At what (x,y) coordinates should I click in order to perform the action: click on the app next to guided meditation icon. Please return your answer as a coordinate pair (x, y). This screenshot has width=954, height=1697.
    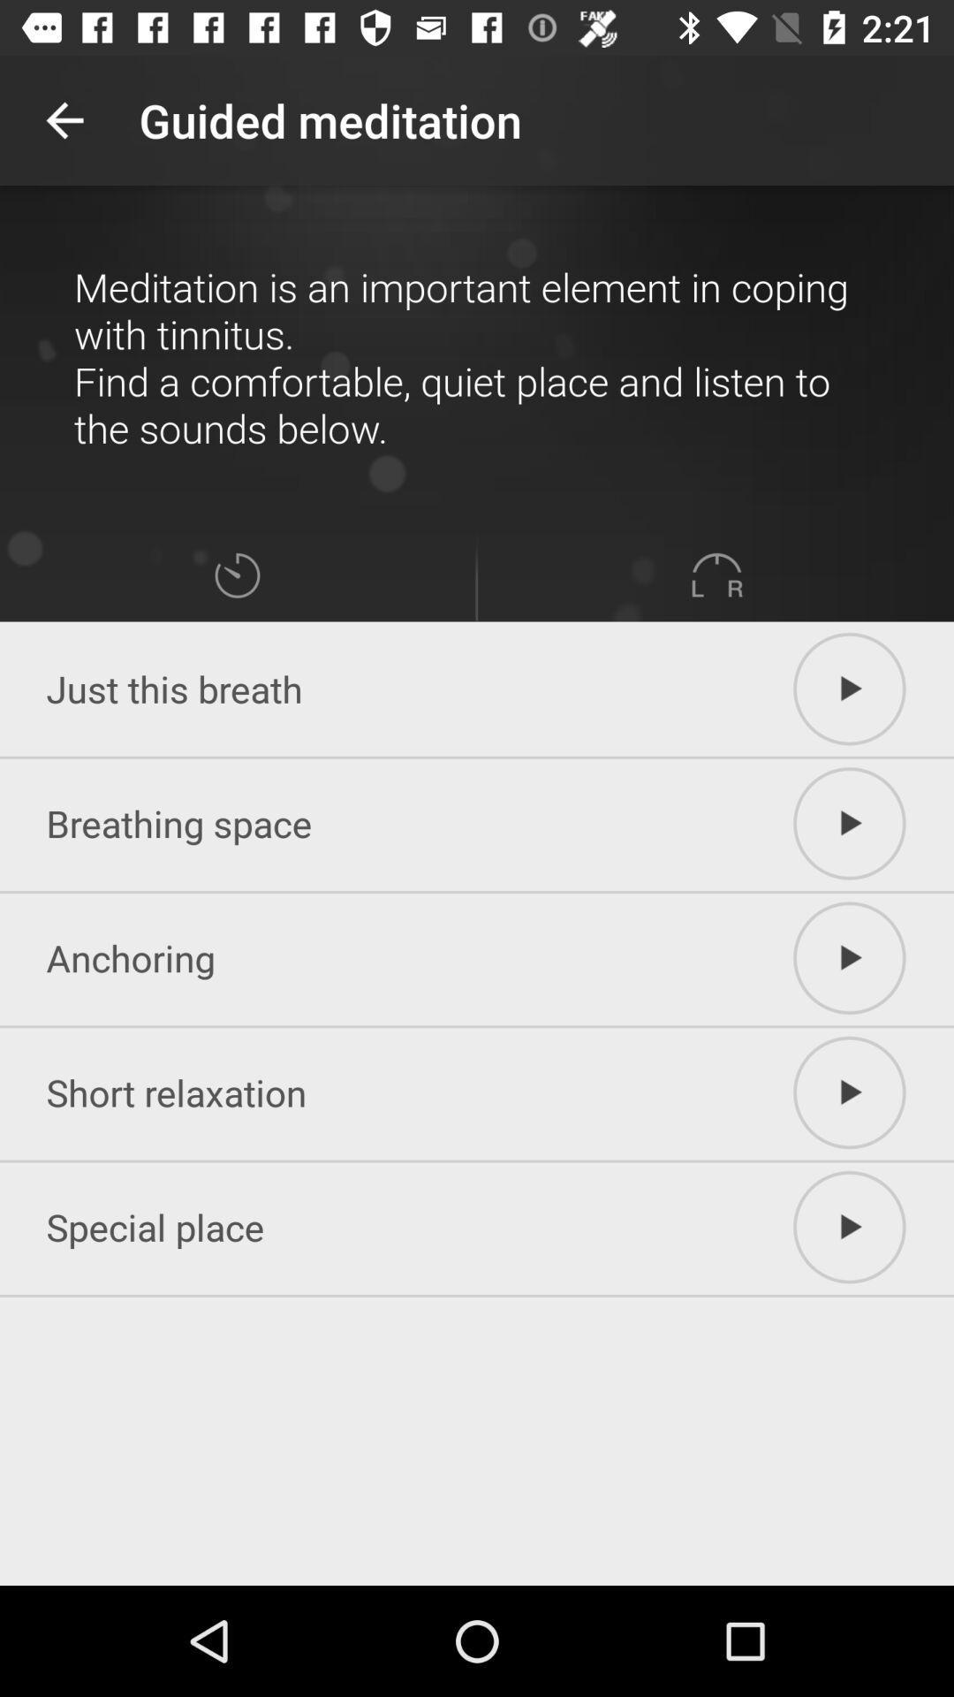
    Looking at the image, I should click on (64, 119).